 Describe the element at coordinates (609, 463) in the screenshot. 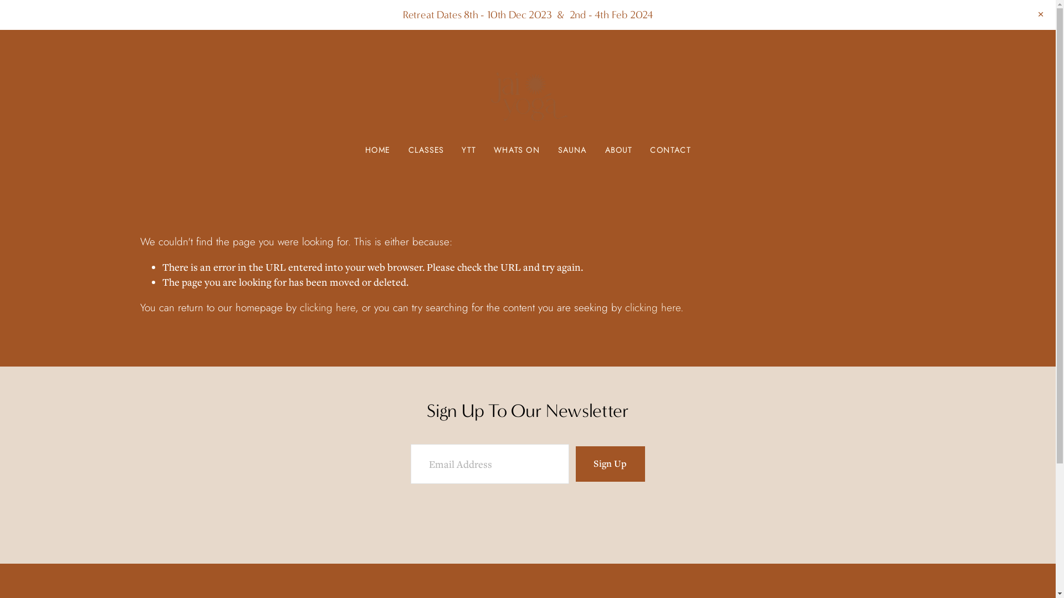

I see `'Sign Up'` at that location.